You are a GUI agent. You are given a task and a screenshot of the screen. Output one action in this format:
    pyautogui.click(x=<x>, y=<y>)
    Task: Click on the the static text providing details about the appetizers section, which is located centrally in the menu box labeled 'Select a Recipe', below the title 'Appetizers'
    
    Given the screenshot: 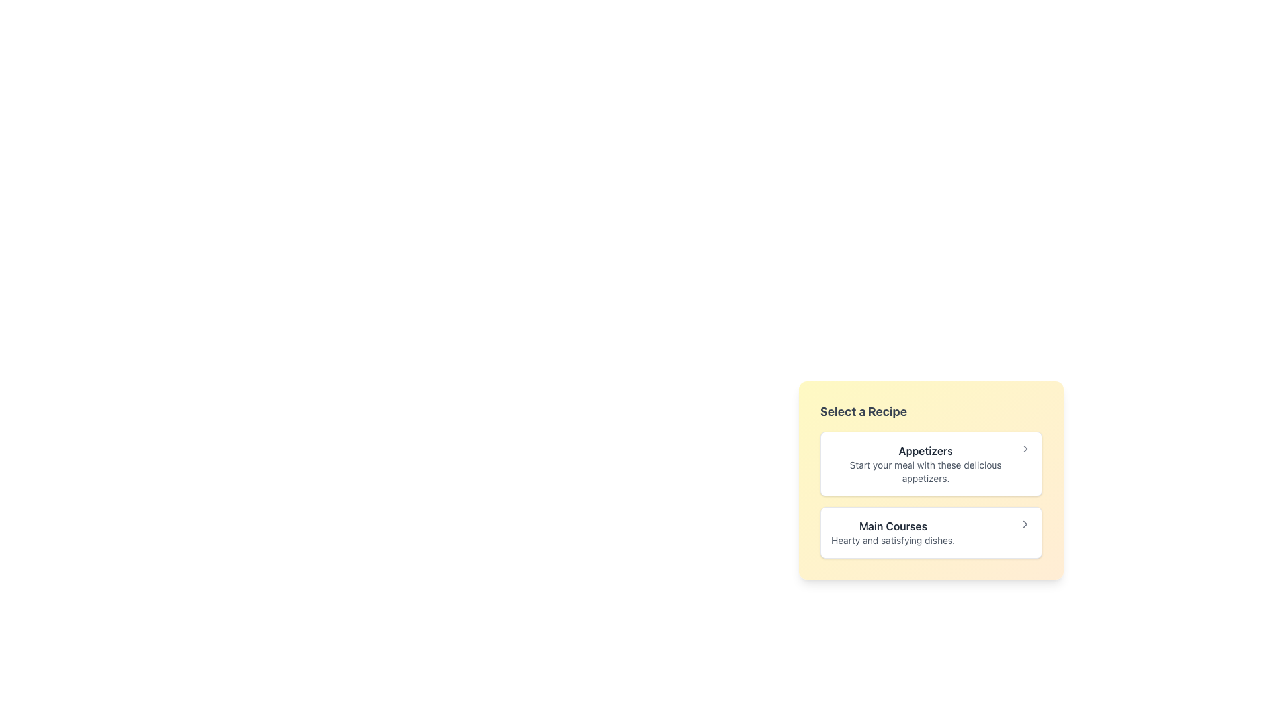 What is the action you would take?
    pyautogui.click(x=925, y=471)
    